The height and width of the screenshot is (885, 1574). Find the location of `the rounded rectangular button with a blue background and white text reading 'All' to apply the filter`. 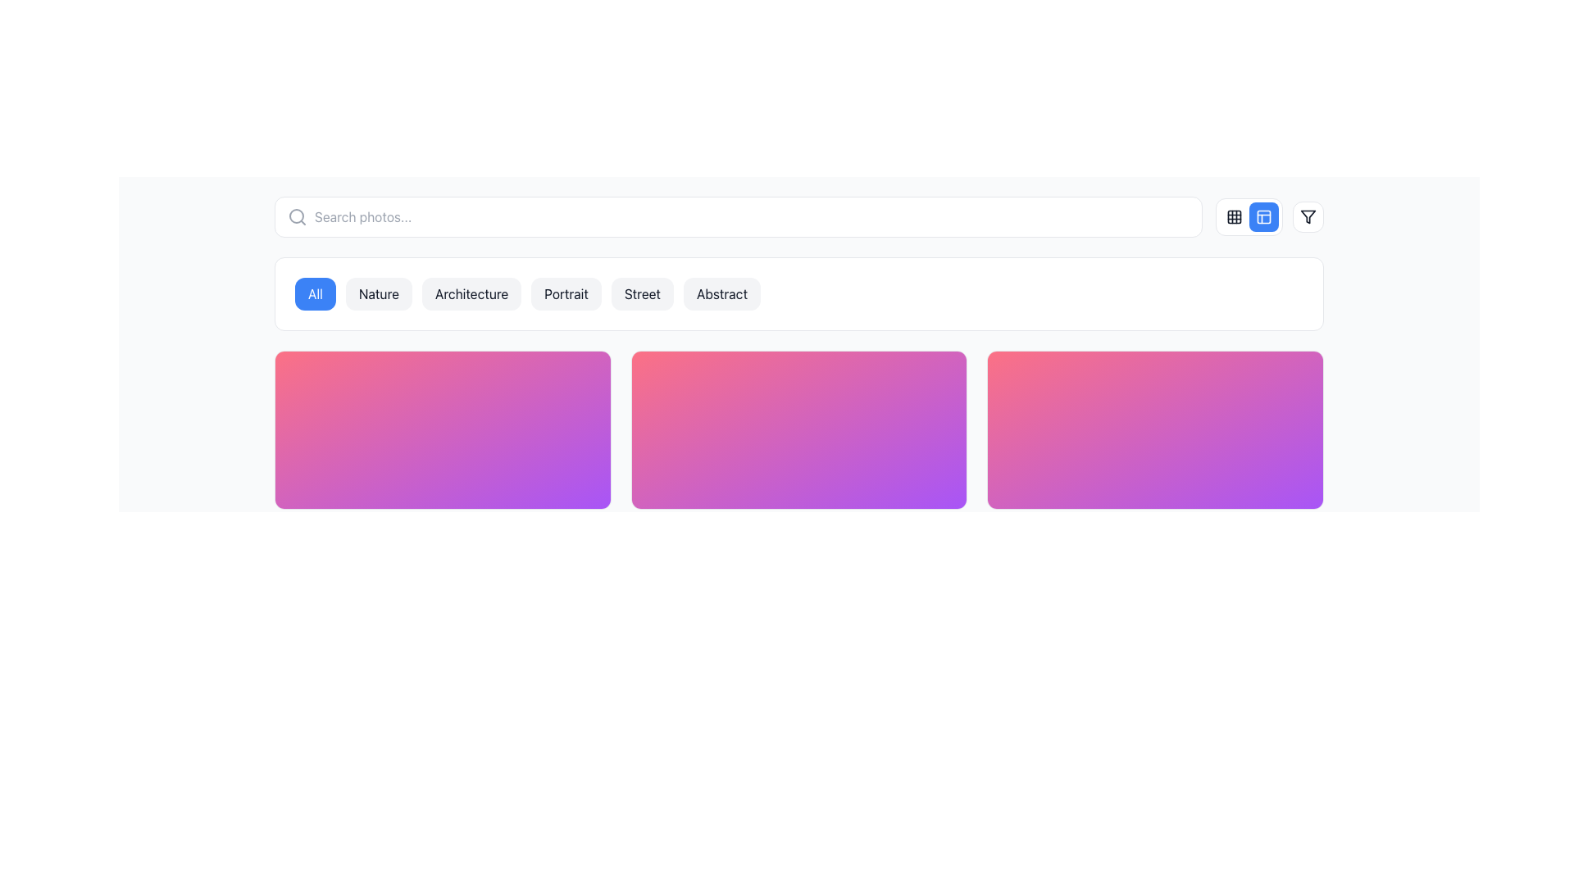

the rounded rectangular button with a blue background and white text reading 'All' to apply the filter is located at coordinates (315, 293).